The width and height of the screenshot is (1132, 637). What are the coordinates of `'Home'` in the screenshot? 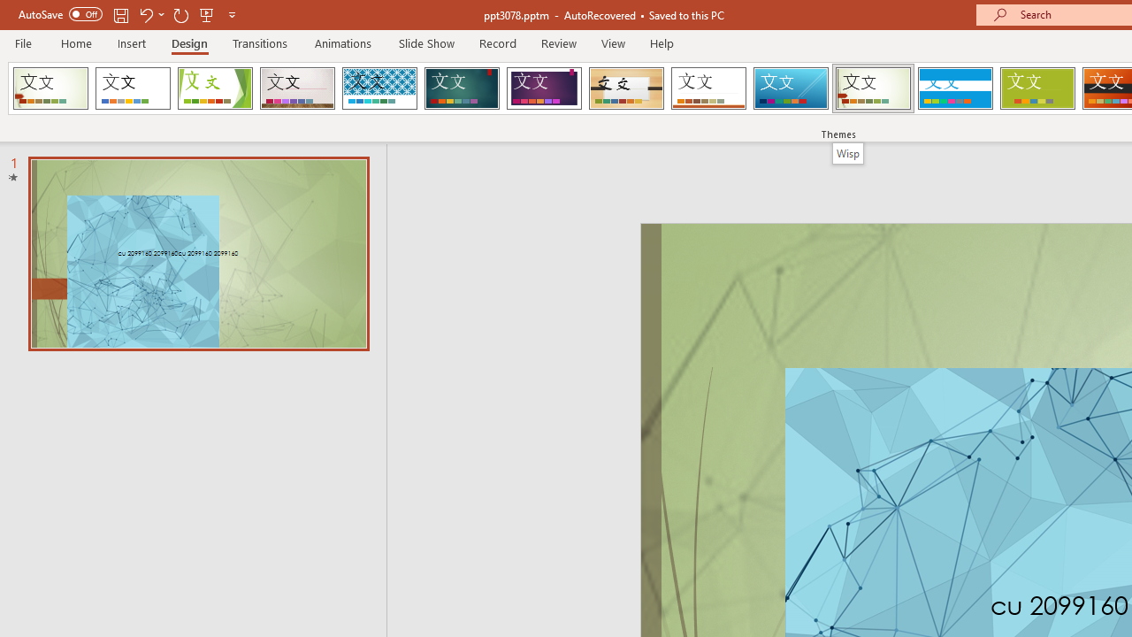 It's located at (75, 42).